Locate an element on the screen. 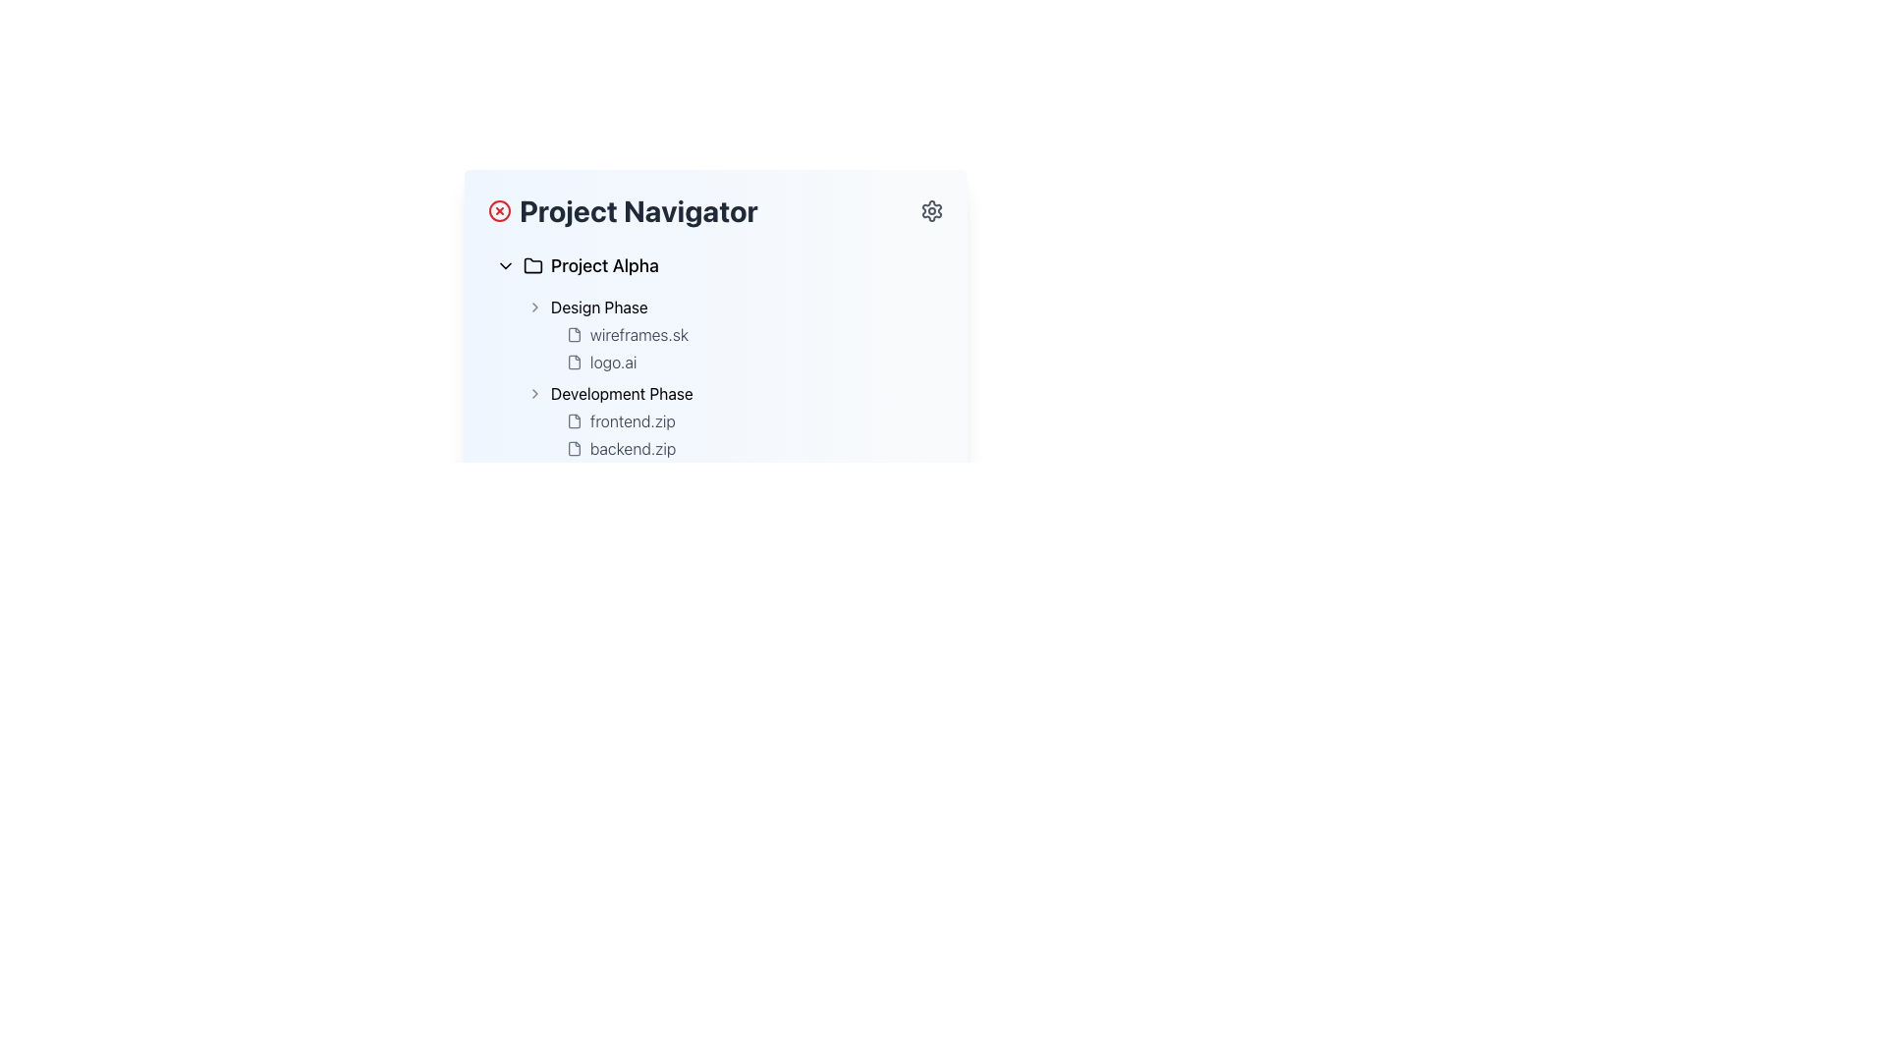  the logo.ai file icon in the project navigator panel, which is located under the 'Design Phase' subheading and is visually identifiable as a marker for this specific file is located at coordinates (574, 363).